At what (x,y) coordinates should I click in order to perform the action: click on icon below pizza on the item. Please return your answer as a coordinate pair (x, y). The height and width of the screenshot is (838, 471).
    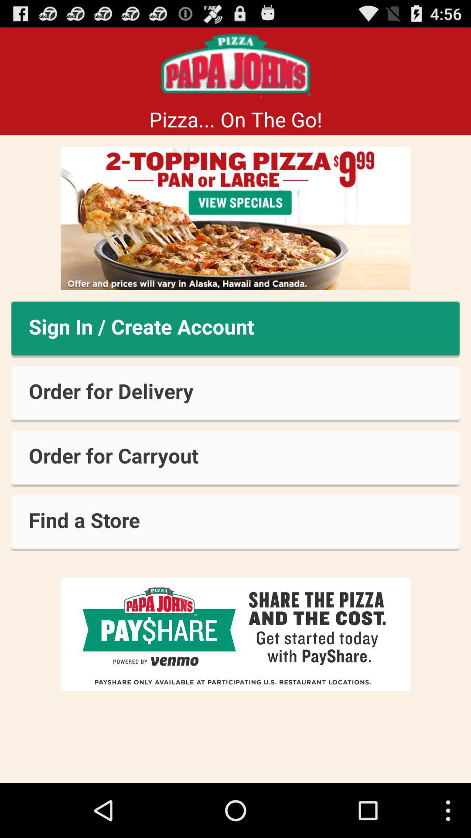
    Looking at the image, I should click on (235, 218).